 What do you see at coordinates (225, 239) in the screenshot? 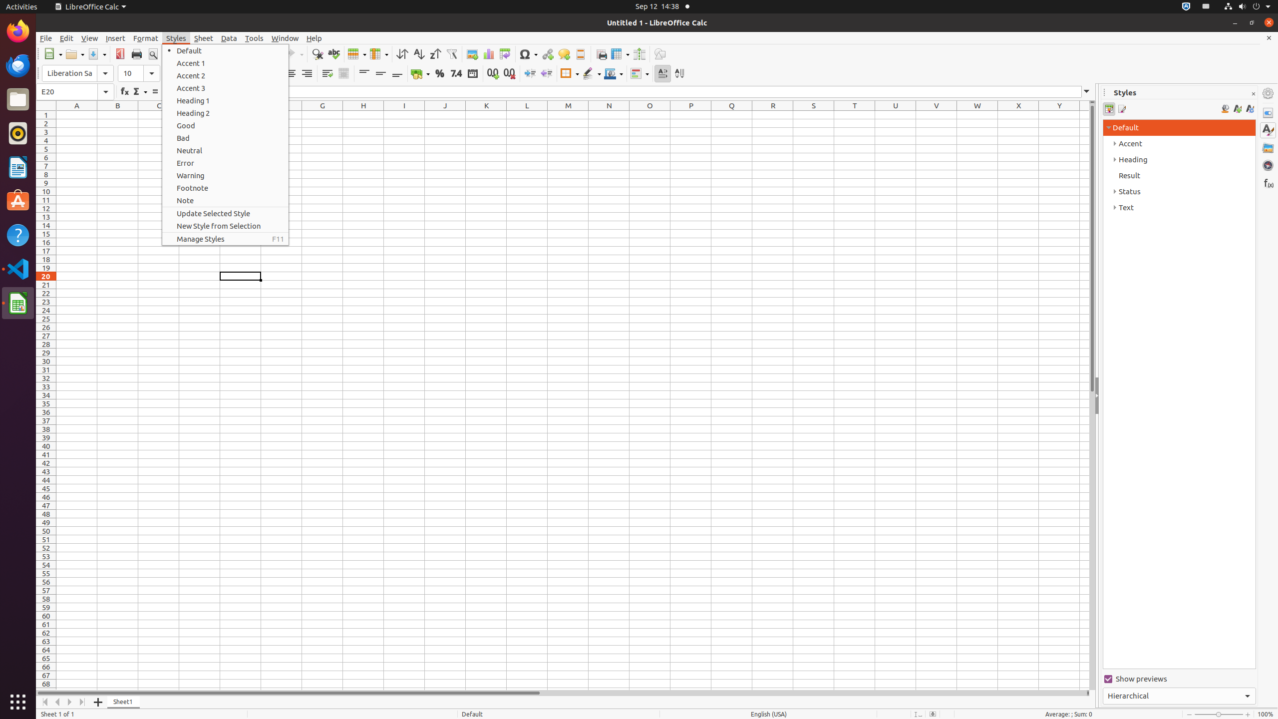
I see `'Manage Styles'` at bounding box center [225, 239].